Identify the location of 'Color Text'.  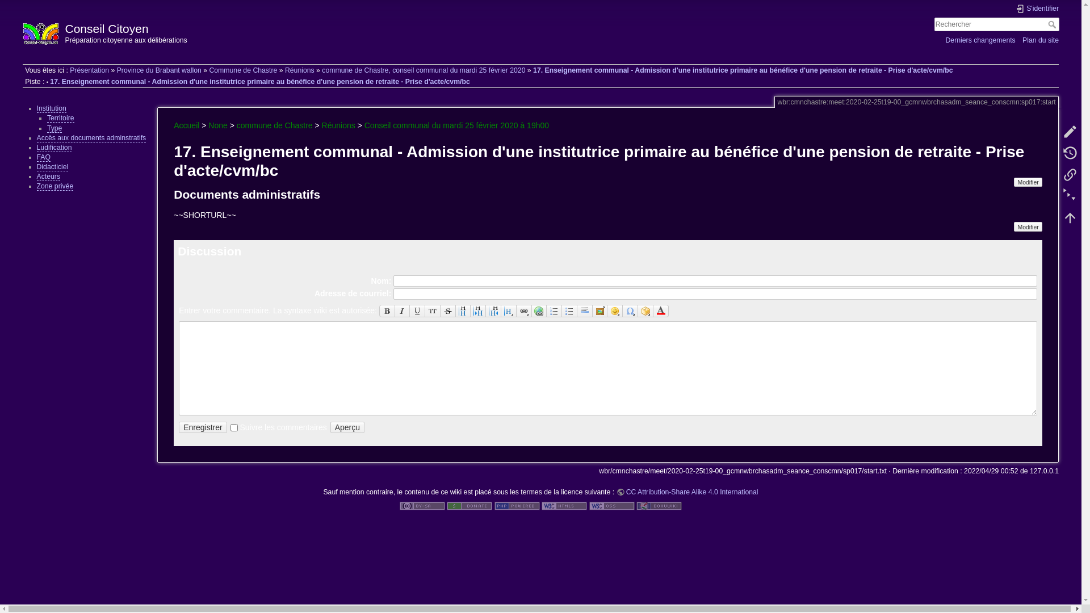
(661, 310).